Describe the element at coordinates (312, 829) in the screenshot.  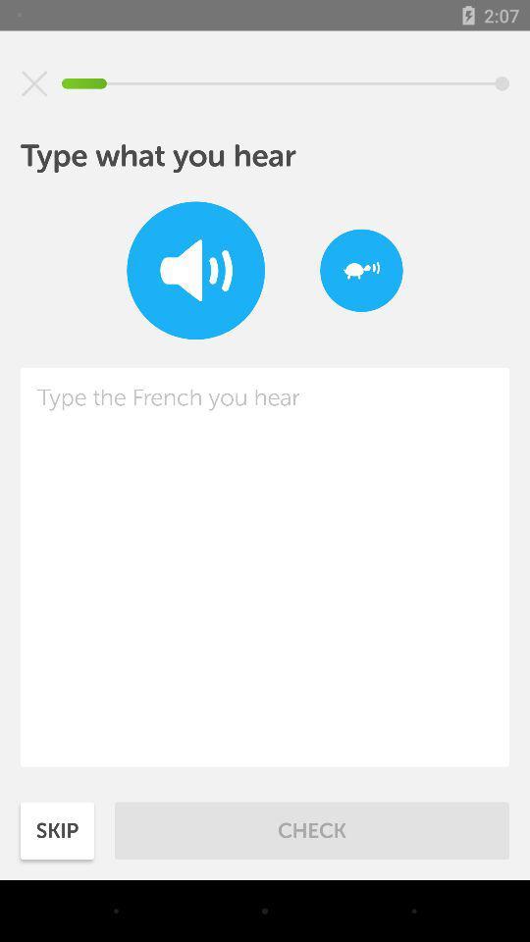
I see `the icon to the right of skip item` at that location.